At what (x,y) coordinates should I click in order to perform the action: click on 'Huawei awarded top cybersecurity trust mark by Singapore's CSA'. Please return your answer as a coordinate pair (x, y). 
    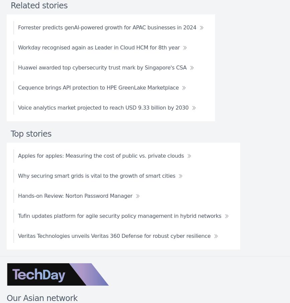
    Looking at the image, I should click on (102, 67).